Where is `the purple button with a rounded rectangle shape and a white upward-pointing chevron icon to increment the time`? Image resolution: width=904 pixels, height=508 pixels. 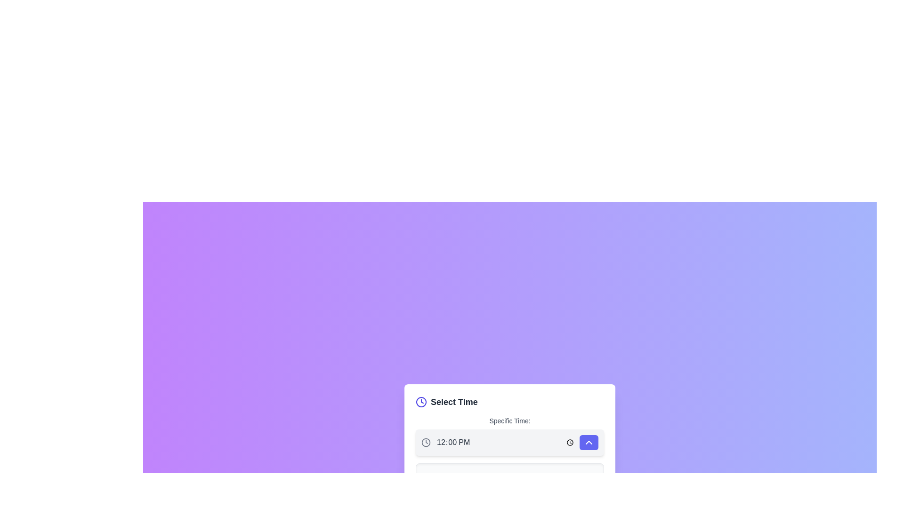 the purple button with a rounded rectangle shape and a white upward-pointing chevron icon to increment the time is located at coordinates (589, 443).